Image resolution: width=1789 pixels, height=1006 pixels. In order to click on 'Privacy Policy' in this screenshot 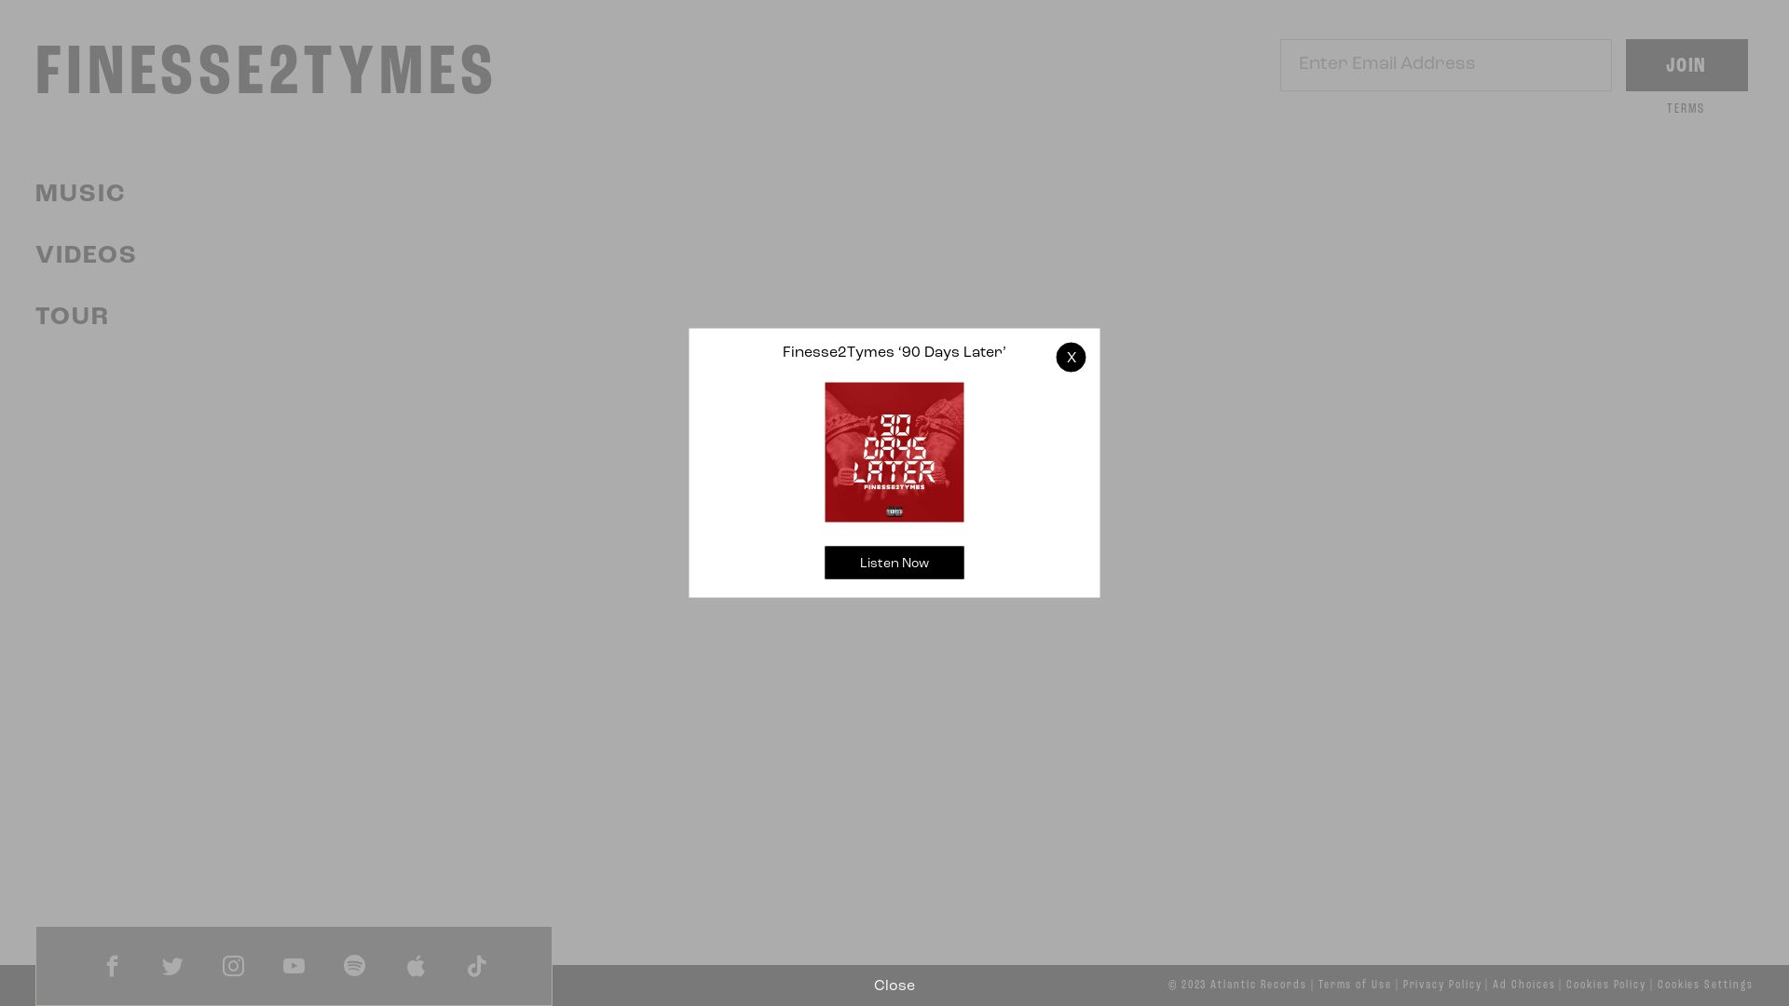, I will do `click(1441, 984)`.